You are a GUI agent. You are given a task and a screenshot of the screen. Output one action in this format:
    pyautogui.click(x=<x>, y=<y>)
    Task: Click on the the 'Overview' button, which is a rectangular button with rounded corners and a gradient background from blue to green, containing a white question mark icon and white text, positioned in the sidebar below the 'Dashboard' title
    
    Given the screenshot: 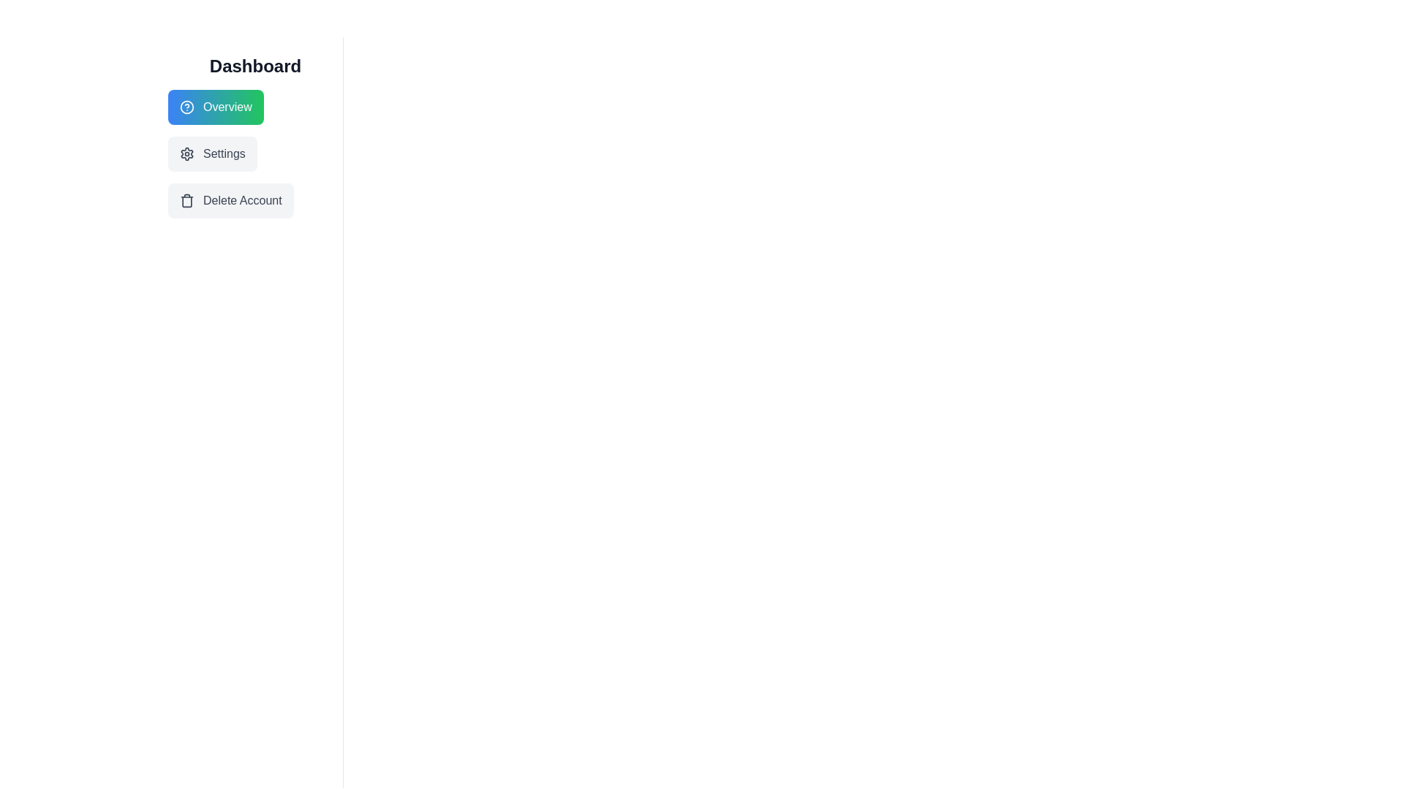 What is the action you would take?
    pyautogui.click(x=215, y=106)
    